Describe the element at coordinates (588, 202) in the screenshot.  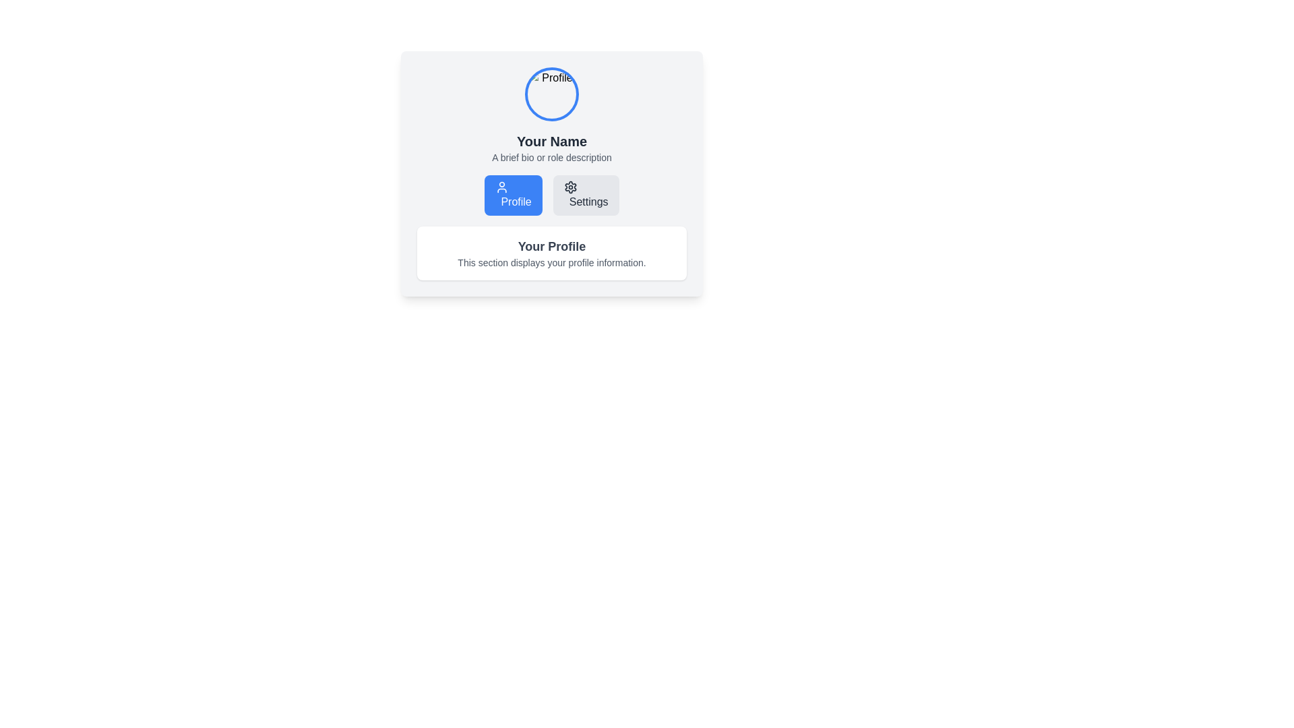
I see `the 'Settings' text label within the button` at that location.